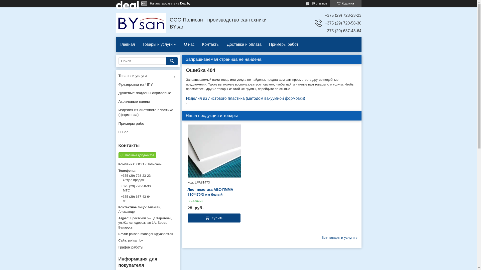 The height and width of the screenshot is (270, 481). I want to click on 'polisan-manager1@yandex.ru', so click(147, 234).